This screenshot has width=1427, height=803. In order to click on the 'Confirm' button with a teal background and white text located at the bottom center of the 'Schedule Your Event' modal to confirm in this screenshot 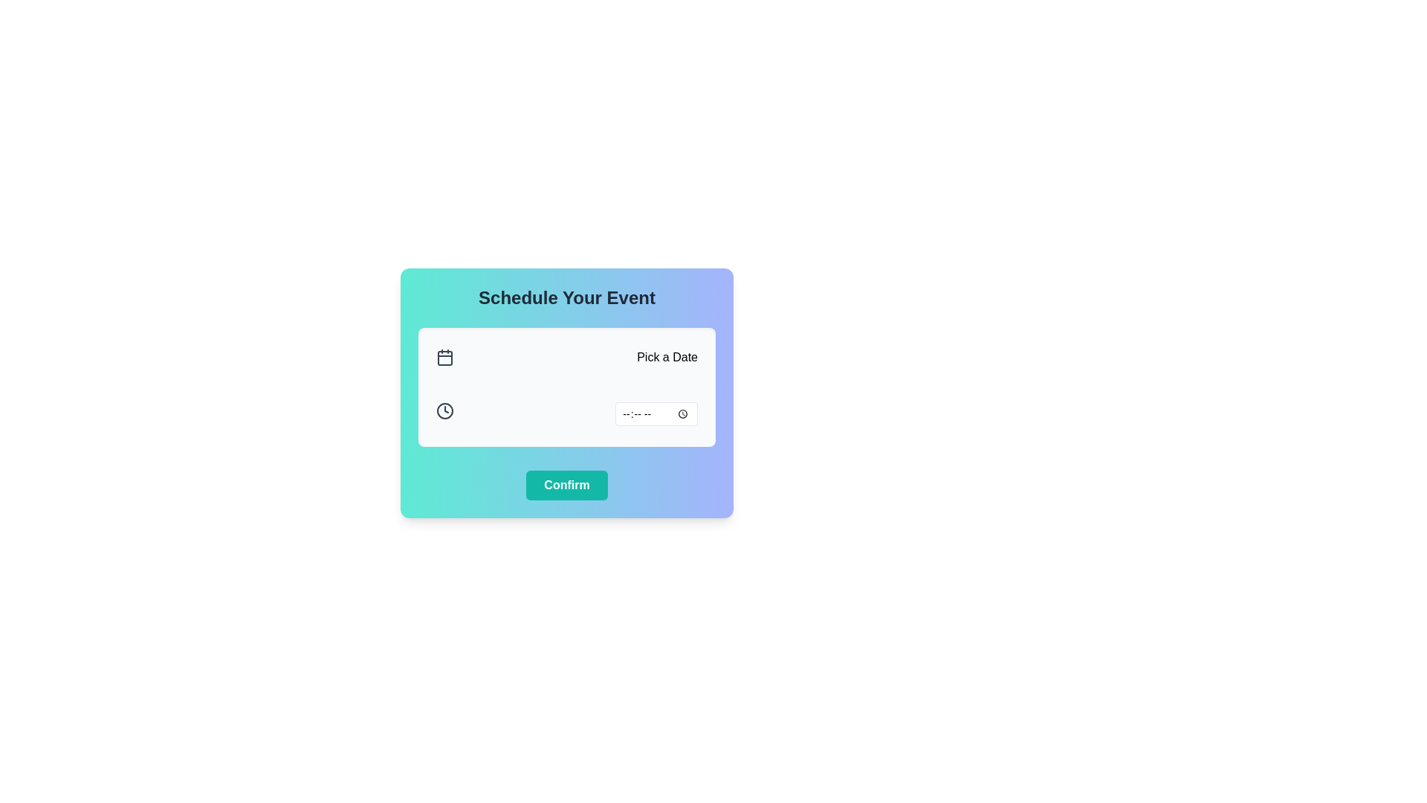, I will do `click(566, 485)`.